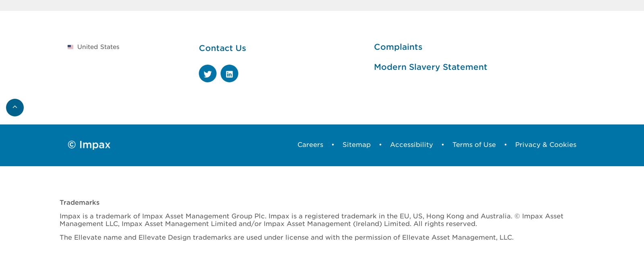 The height and width of the screenshot is (279, 644). Describe the element at coordinates (198, 47) in the screenshot. I see `'Contact Us'` at that location.